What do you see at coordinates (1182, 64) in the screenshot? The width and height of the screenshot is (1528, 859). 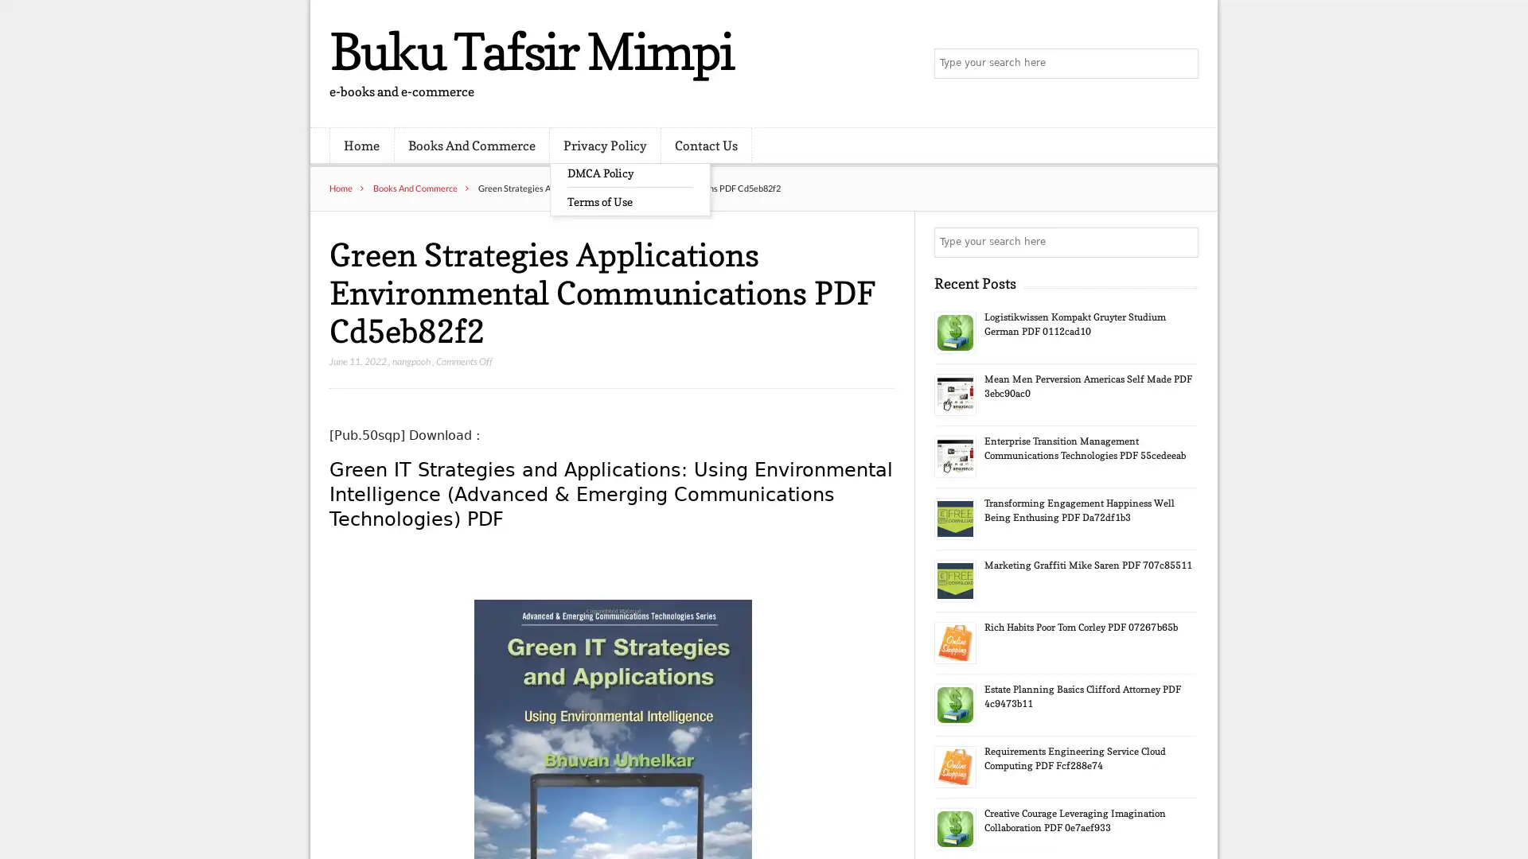 I see `Search` at bounding box center [1182, 64].